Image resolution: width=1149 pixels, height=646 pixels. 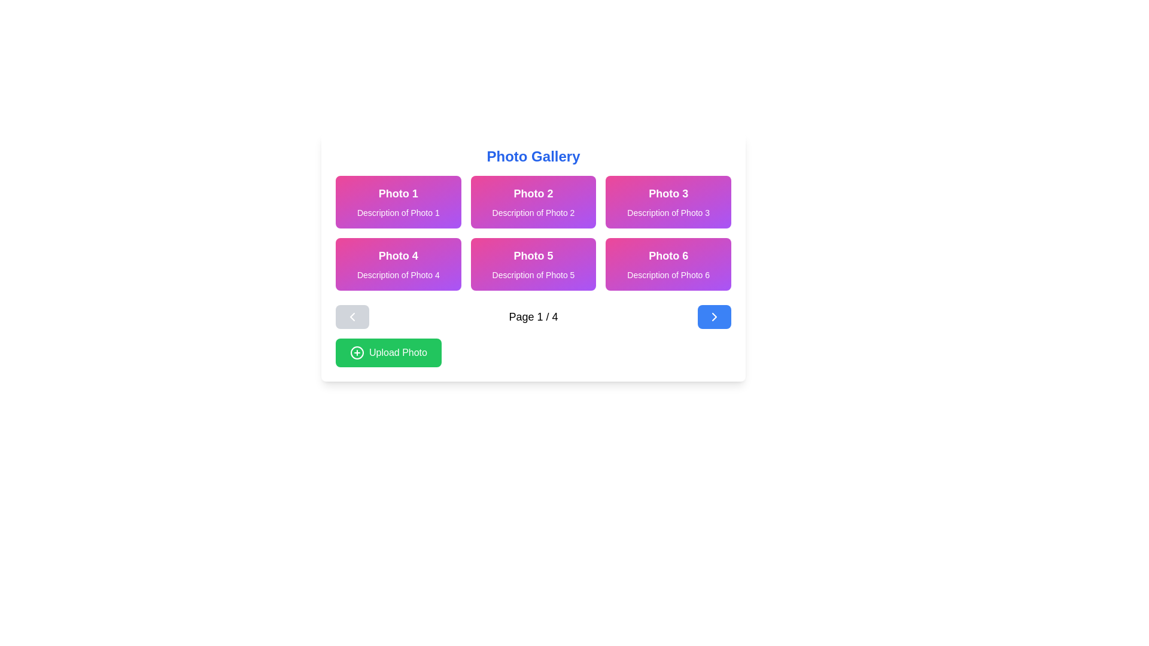 What do you see at coordinates (533, 233) in the screenshot?
I see `keyboard navigation` at bounding box center [533, 233].